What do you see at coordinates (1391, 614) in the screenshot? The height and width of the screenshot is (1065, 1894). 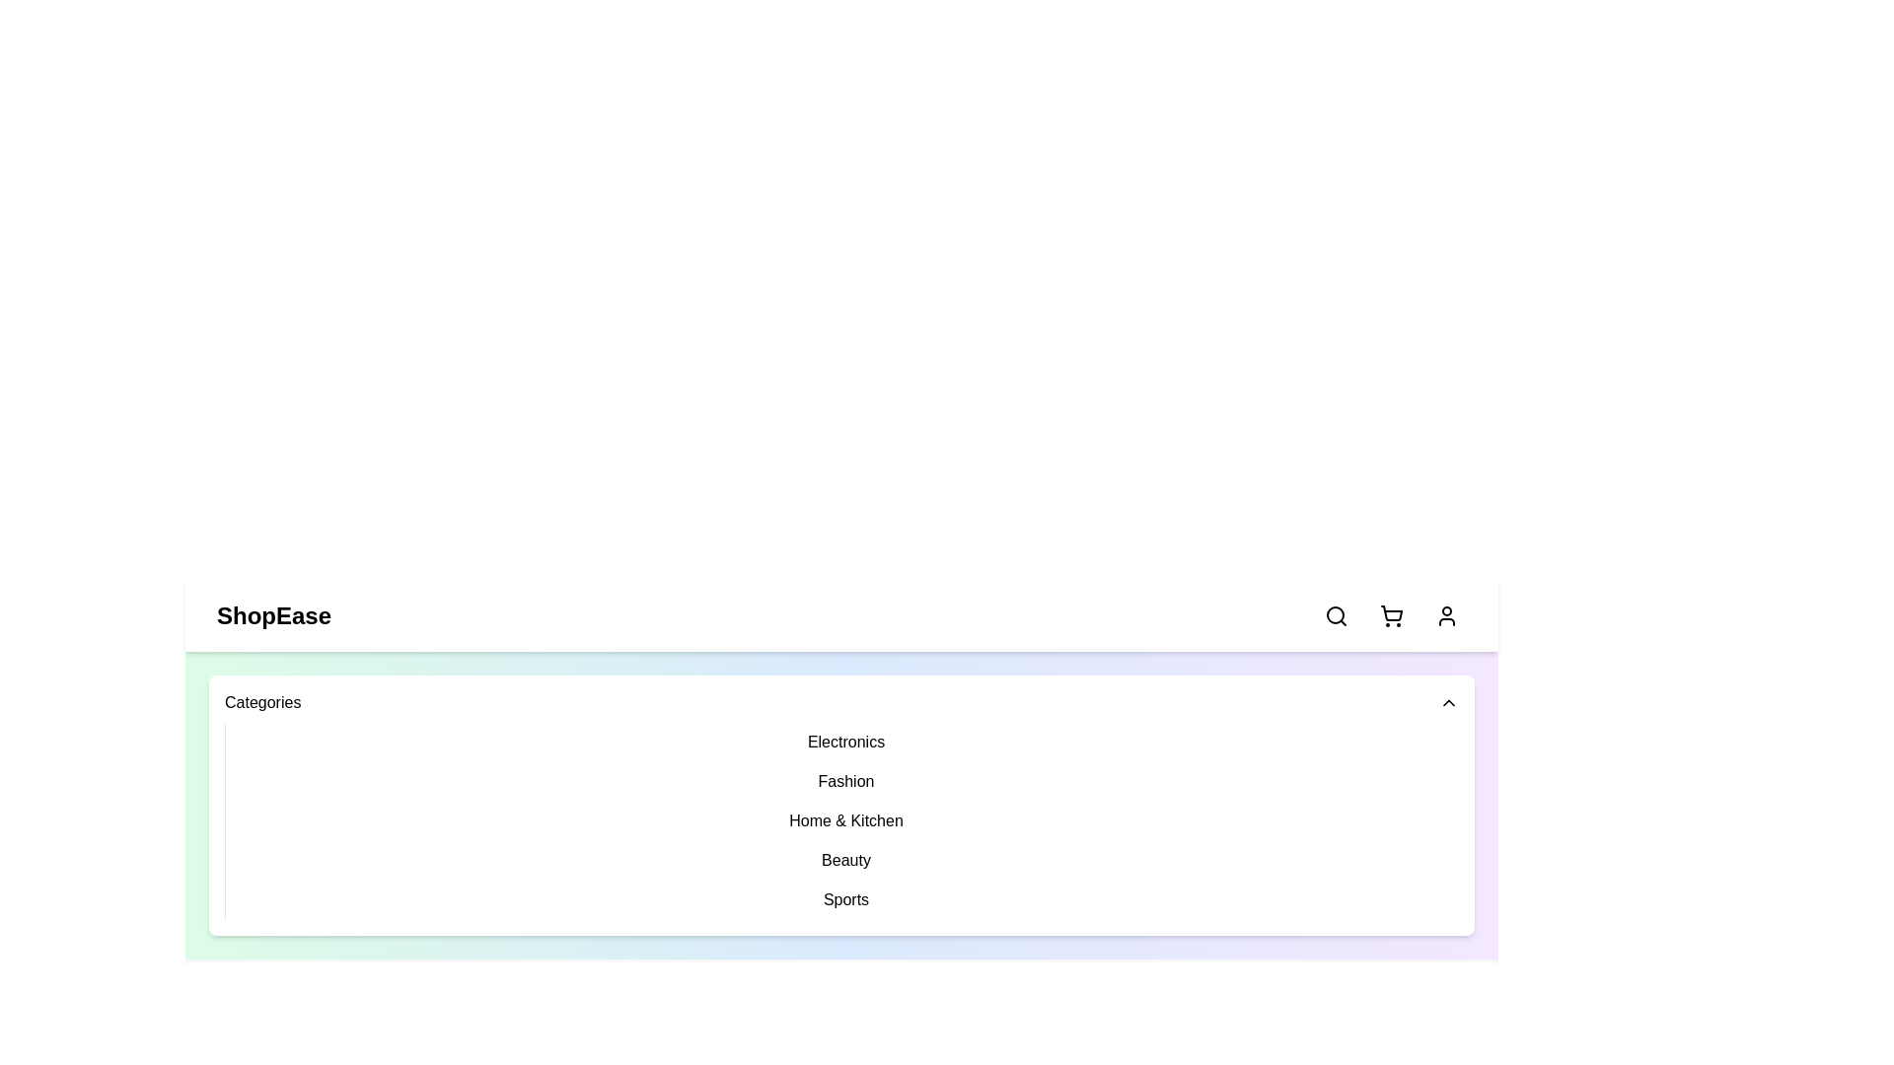 I see `the shopping cart icon located in the top-right corner of the navigation bar to possibly reveal additional cart details` at bounding box center [1391, 614].